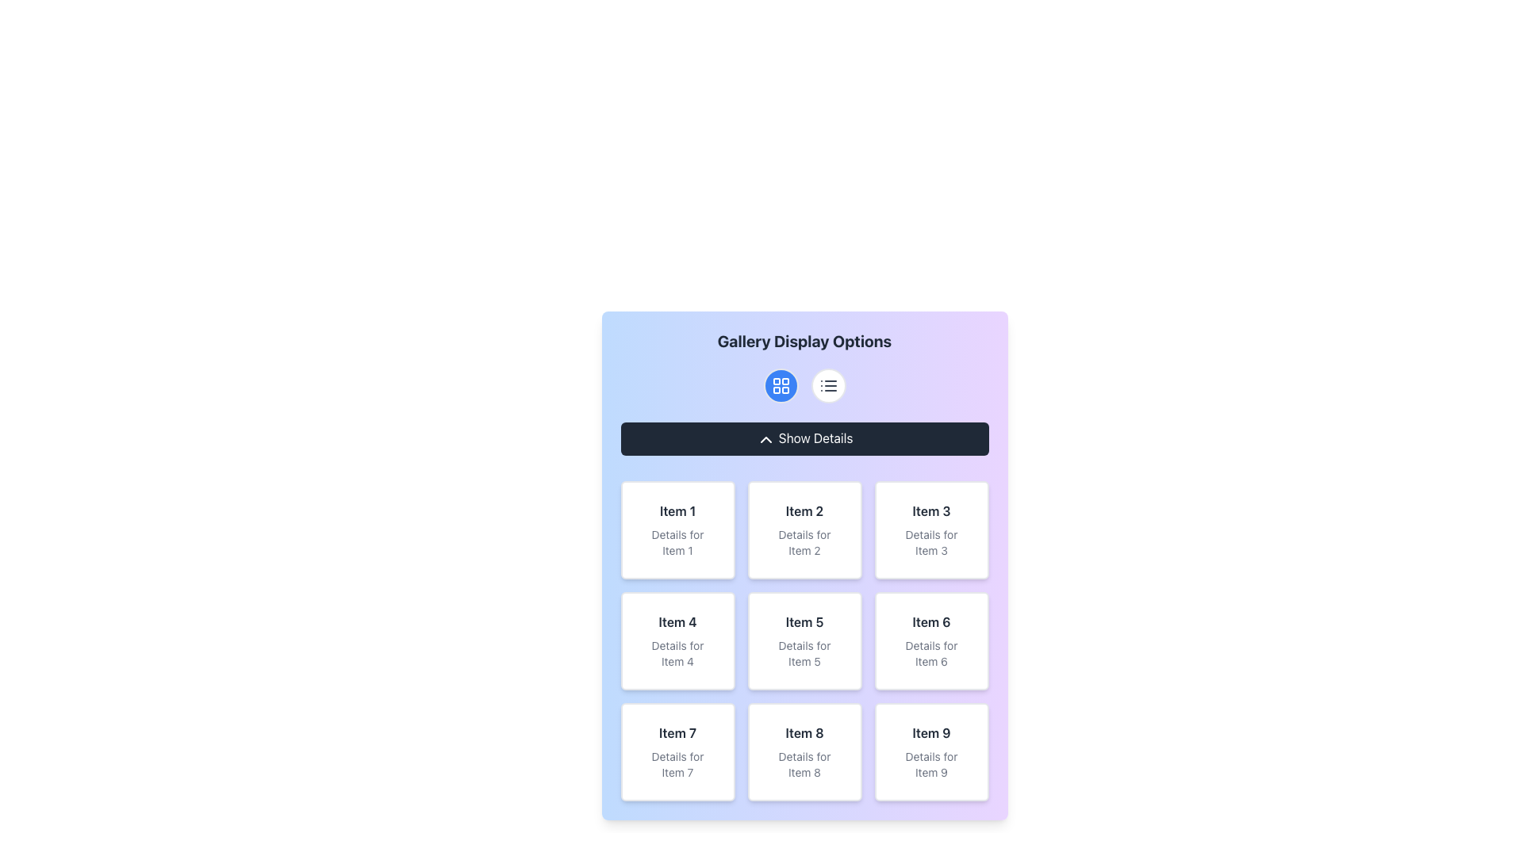  What do you see at coordinates (931, 653) in the screenshot?
I see `the static text label providing additional descriptive information about 'Item 6', located in the sixth card of a 3x3 grid layout in the bottom-right corner` at bounding box center [931, 653].